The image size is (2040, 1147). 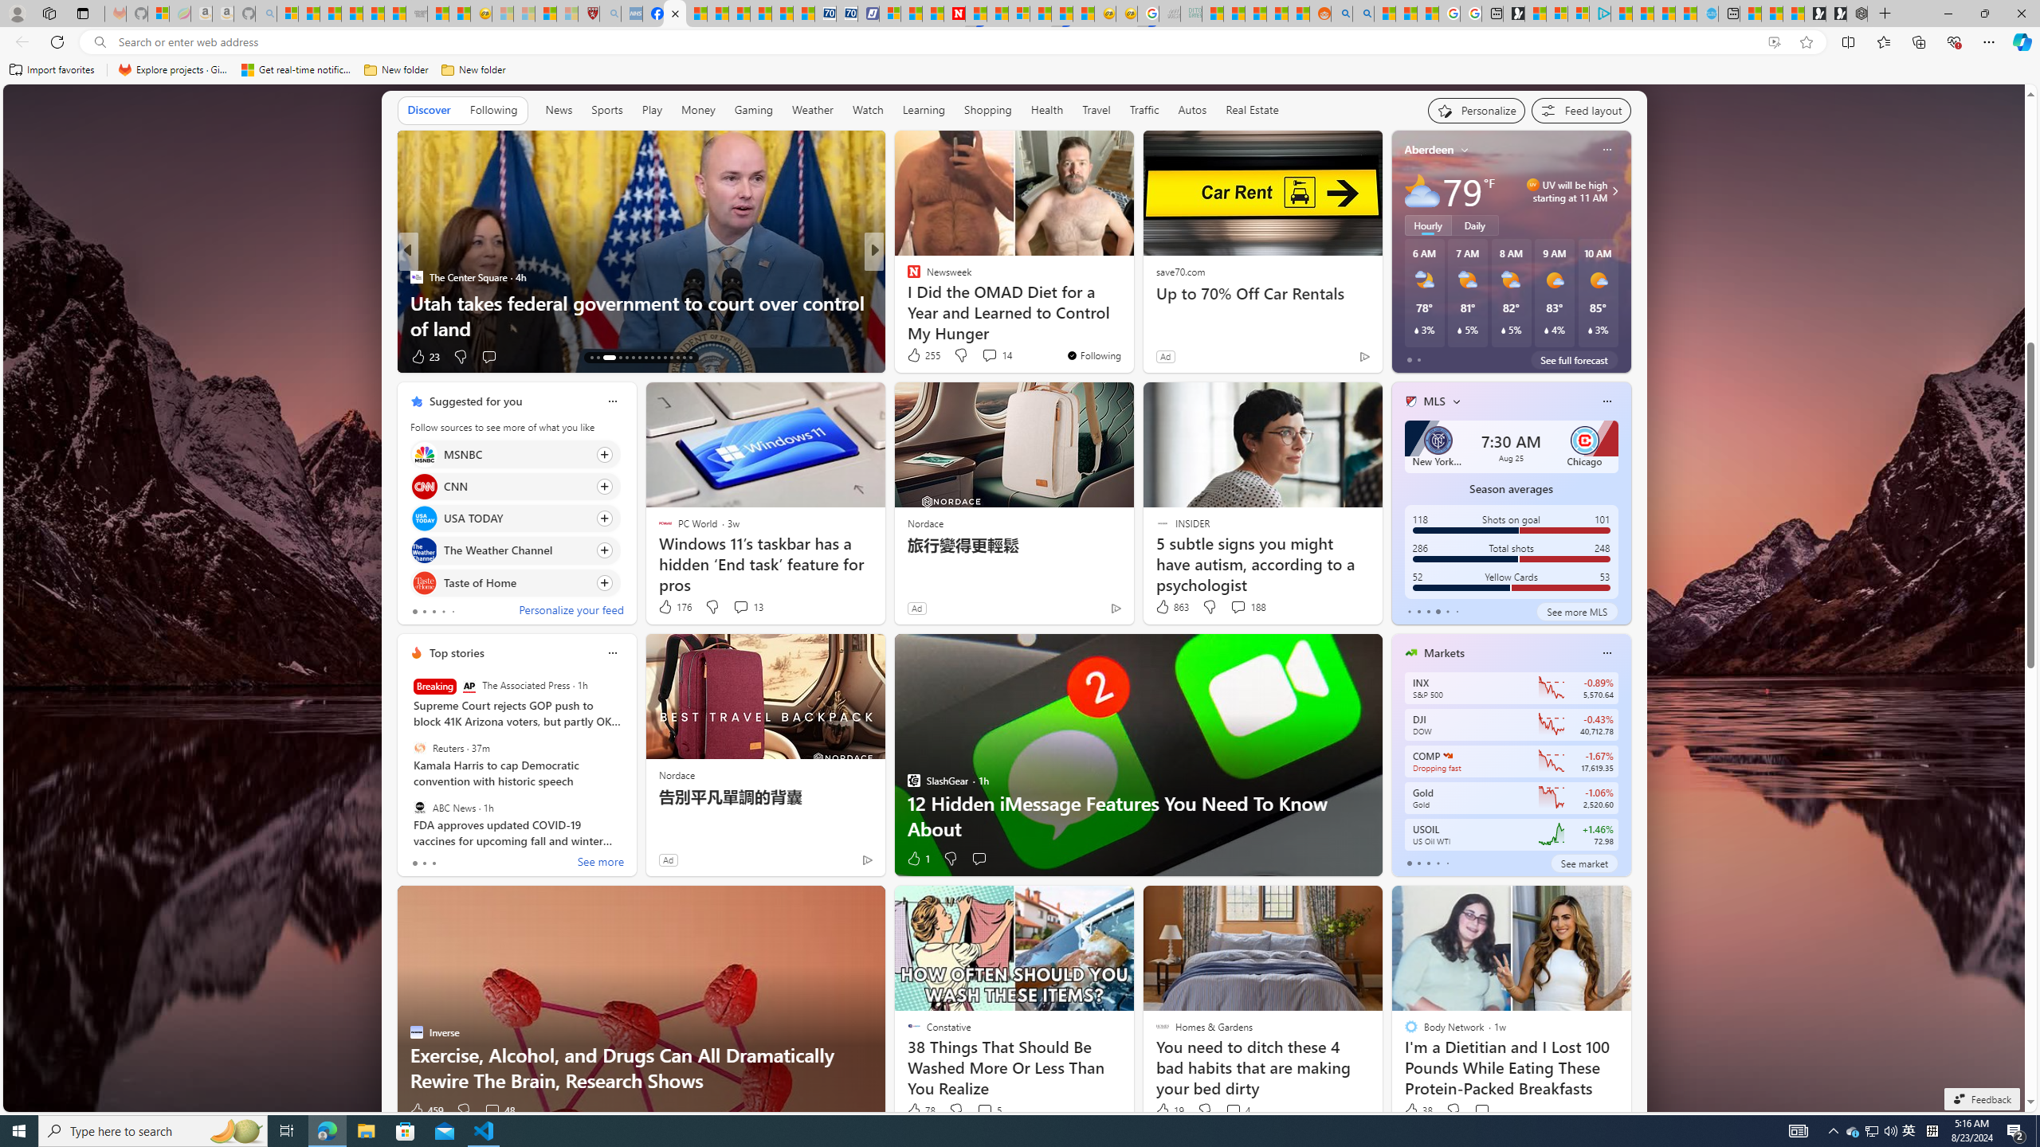 I want to click on 'AutomationID: tab-67', so click(x=598, y=357).